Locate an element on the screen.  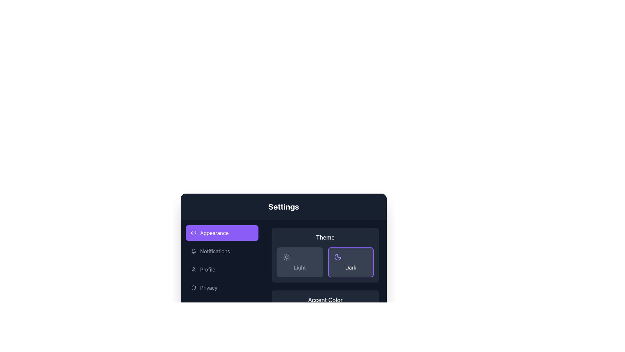
the sun icon, which is a gray, modern minimalist design located at the top-center of the 'Light' card is located at coordinates (286, 257).